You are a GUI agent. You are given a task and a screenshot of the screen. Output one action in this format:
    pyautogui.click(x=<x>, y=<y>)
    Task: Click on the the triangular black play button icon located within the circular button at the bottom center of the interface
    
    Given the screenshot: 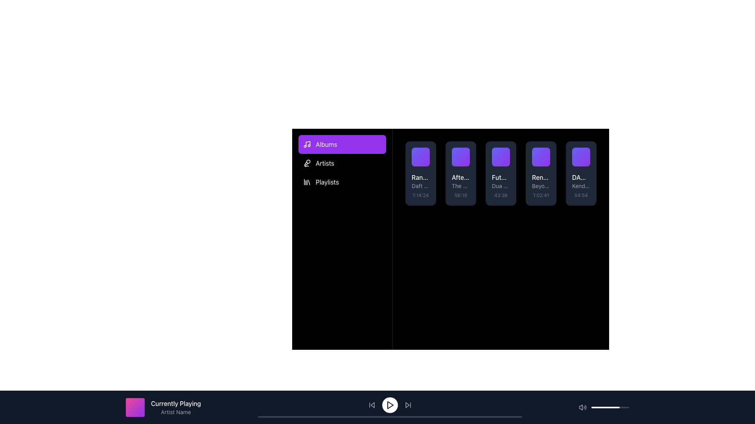 What is the action you would take?
    pyautogui.click(x=390, y=405)
    